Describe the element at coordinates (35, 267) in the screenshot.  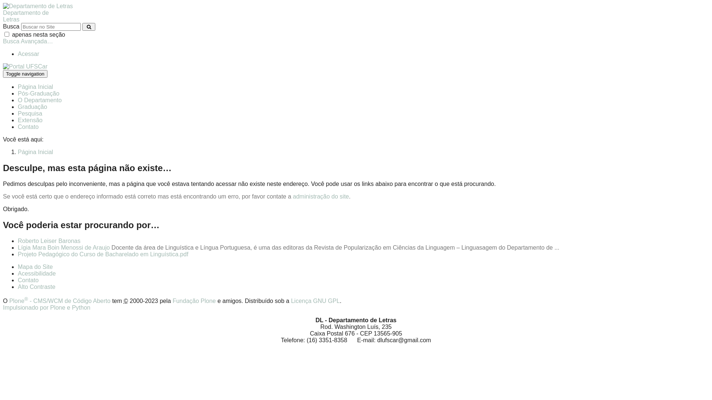
I see `'Mapa do Site'` at that location.